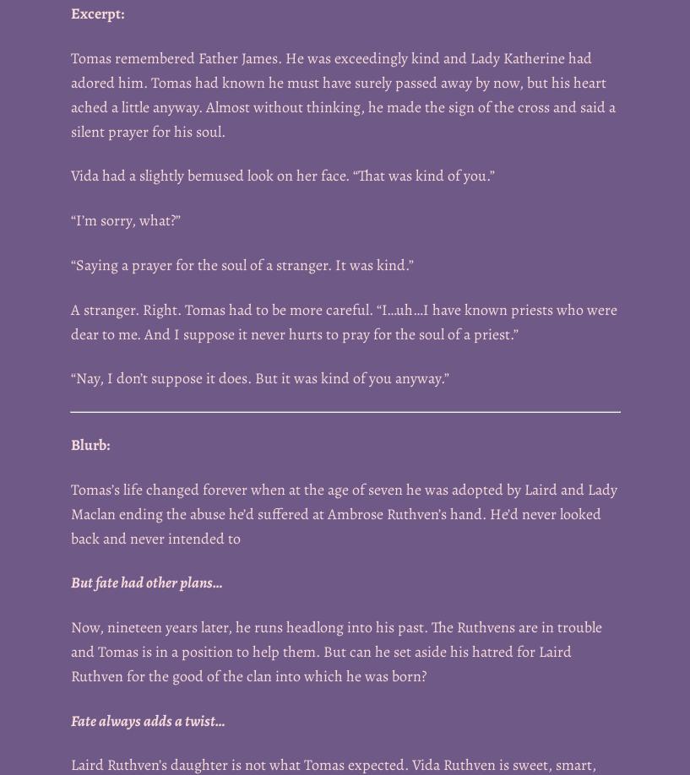 This screenshot has width=690, height=775. What do you see at coordinates (145, 581) in the screenshot?
I see `'But fate had other plans…'` at bounding box center [145, 581].